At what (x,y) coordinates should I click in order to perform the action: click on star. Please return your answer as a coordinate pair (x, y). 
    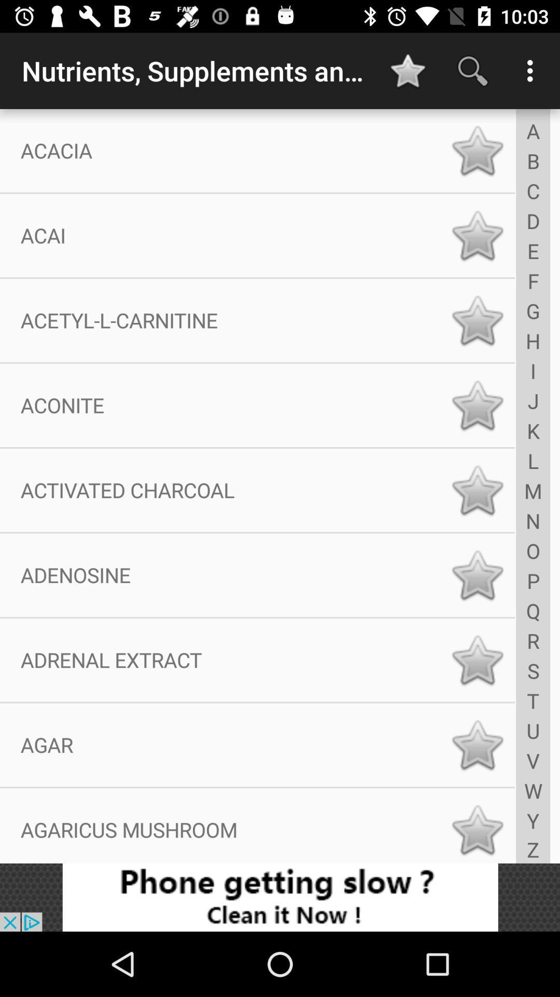
    Looking at the image, I should click on (477, 405).